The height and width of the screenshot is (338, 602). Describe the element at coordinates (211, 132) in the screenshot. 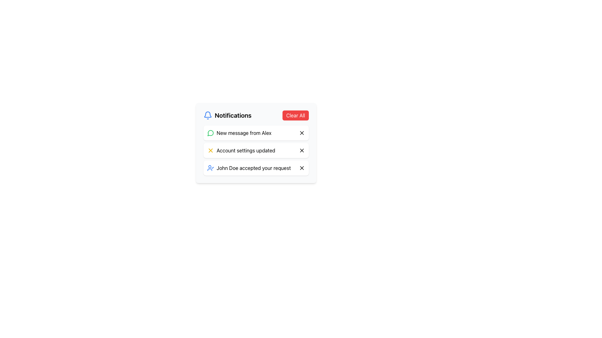

I see `the new message notification icon indicating 'New message from Alex' positioned at the top of the notification list` at that location.